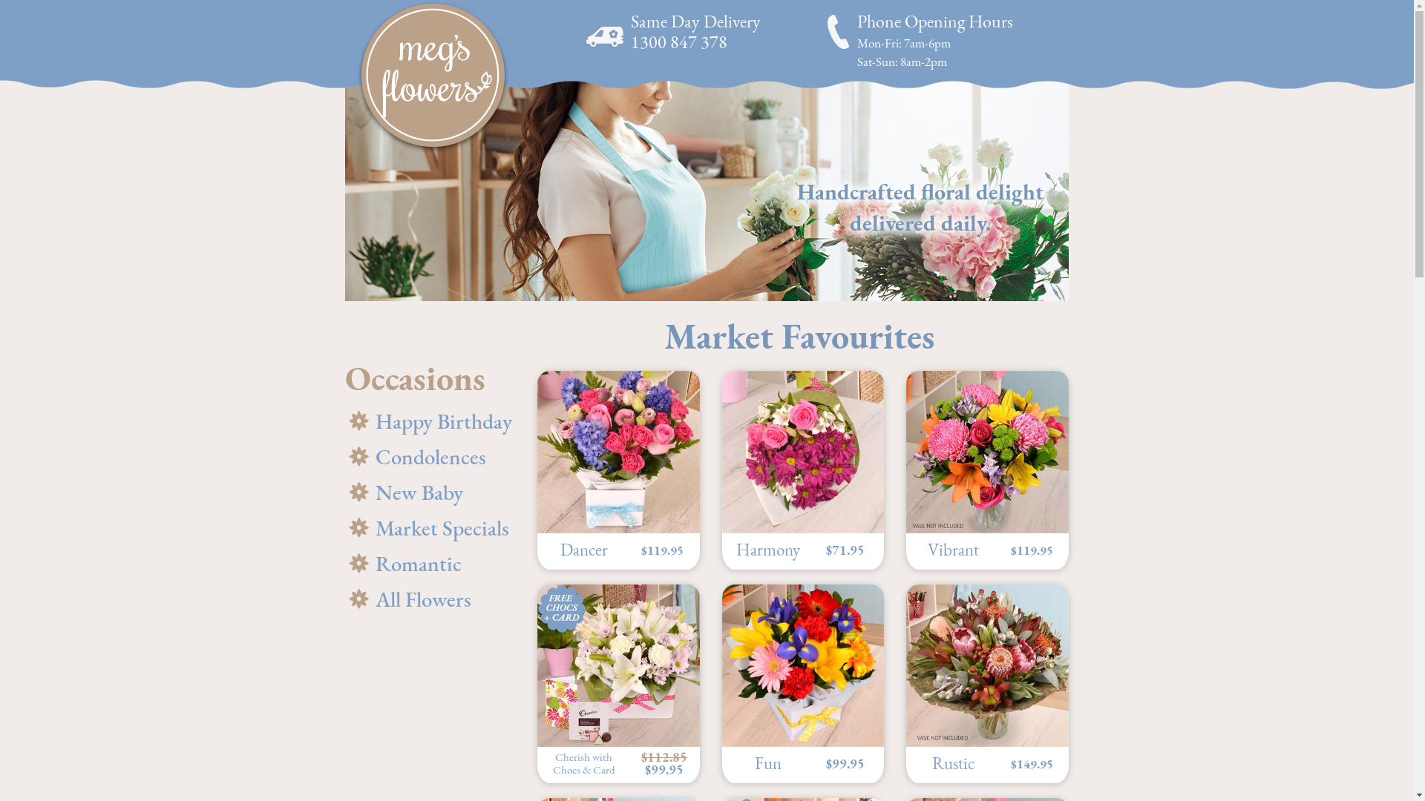  What do you see at coordinates (429, 599) in the screenshot?
I see `'All Flowers'` at bounding box center [429, 599].